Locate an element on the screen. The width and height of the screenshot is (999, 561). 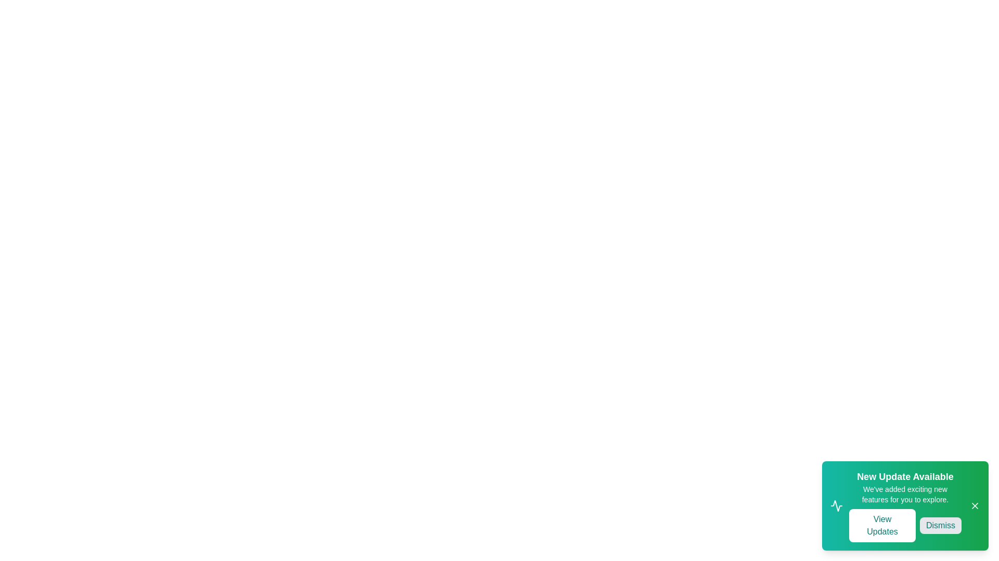
the icon to the left of the snackbar text is located at coordinates (837, 505).